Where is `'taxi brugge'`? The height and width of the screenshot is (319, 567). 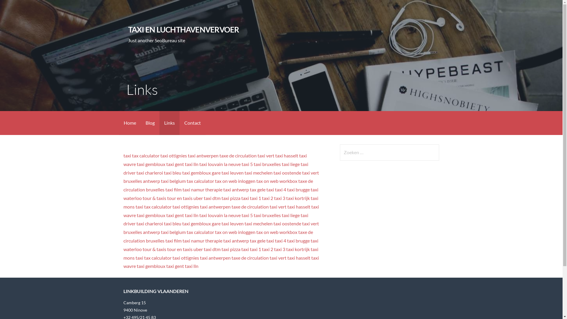
'taxi brugge' is located at coordinates (298, 189).